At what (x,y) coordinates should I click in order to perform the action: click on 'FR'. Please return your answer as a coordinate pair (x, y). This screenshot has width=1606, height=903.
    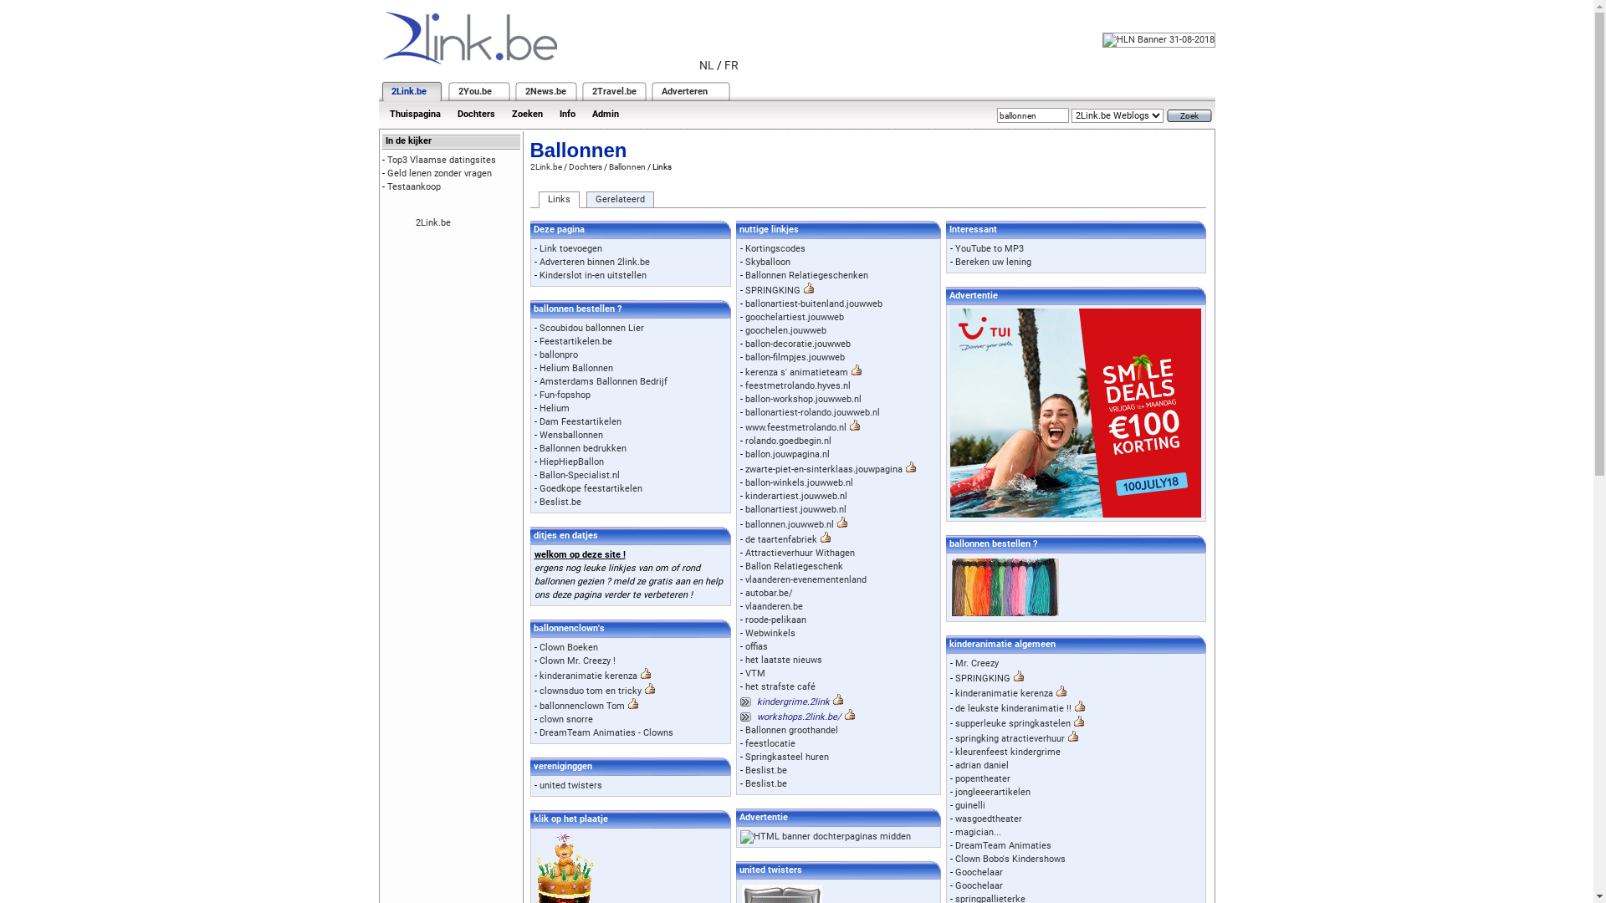
    Looking at the image, I should click on (724, 64).